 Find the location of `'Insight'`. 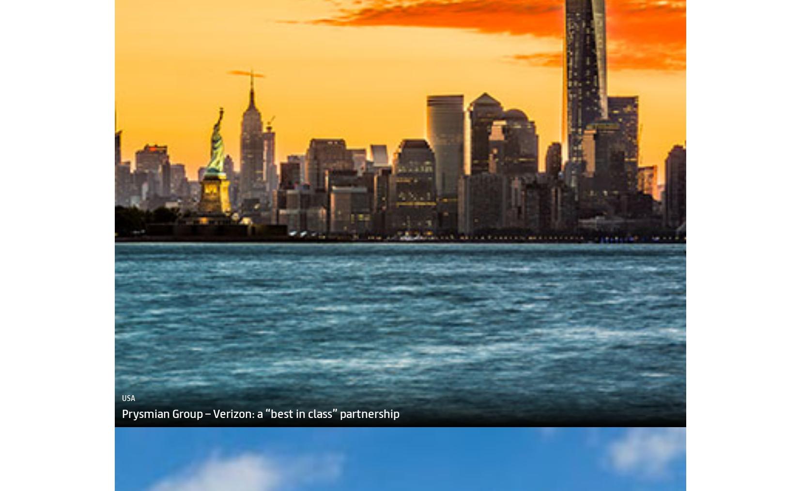

'Insight' is located at coordinates (293, 486).